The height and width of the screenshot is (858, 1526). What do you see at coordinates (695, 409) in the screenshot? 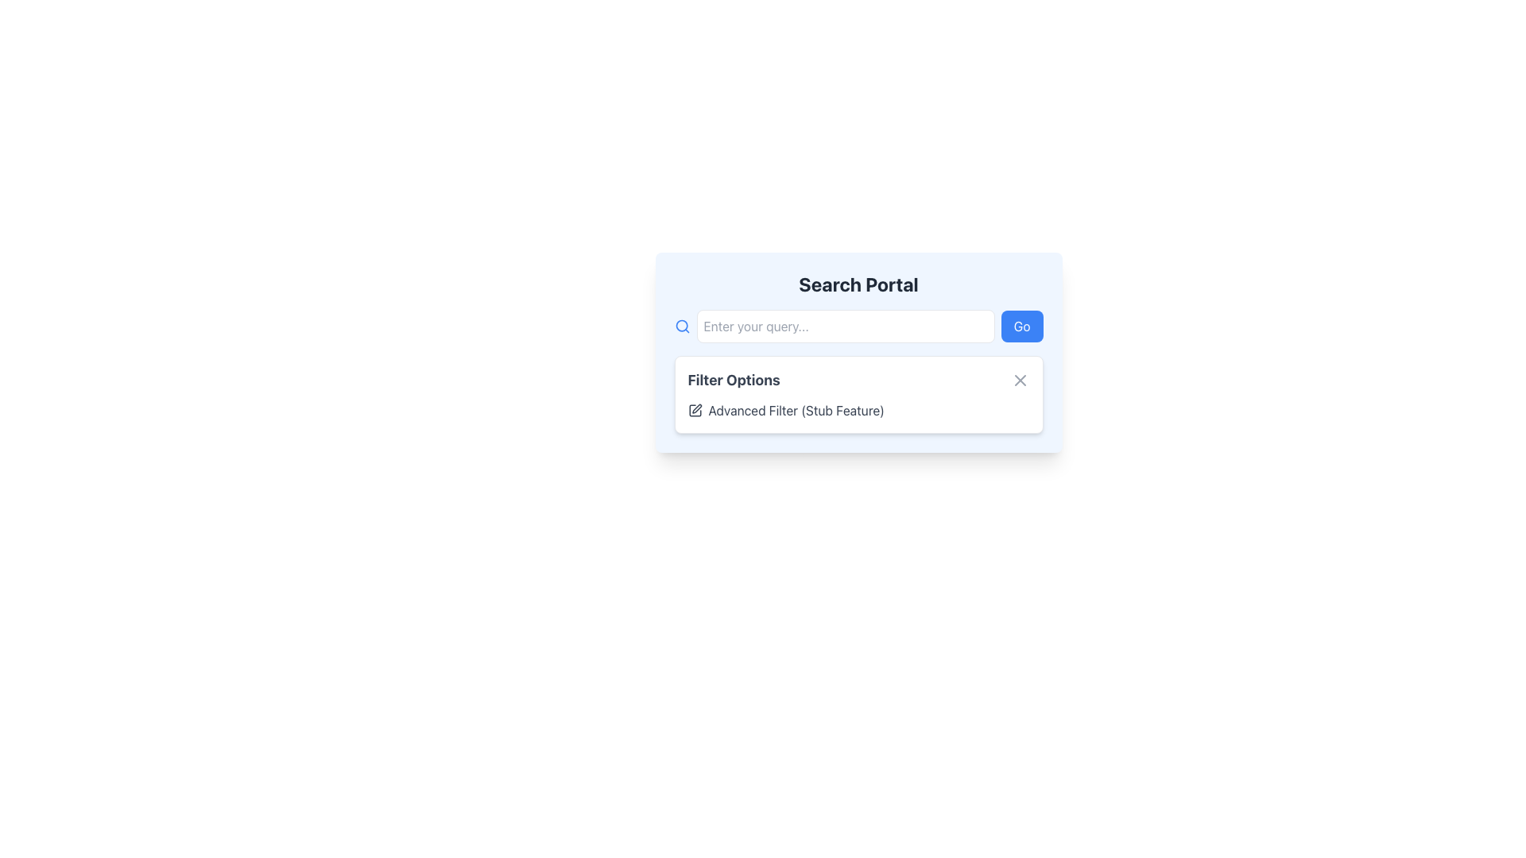
I see `the pen icon located beside the 'Advanced Filter (Stub Feature)' label in the 'Filter Options' section` at bounding box center [695, 409].